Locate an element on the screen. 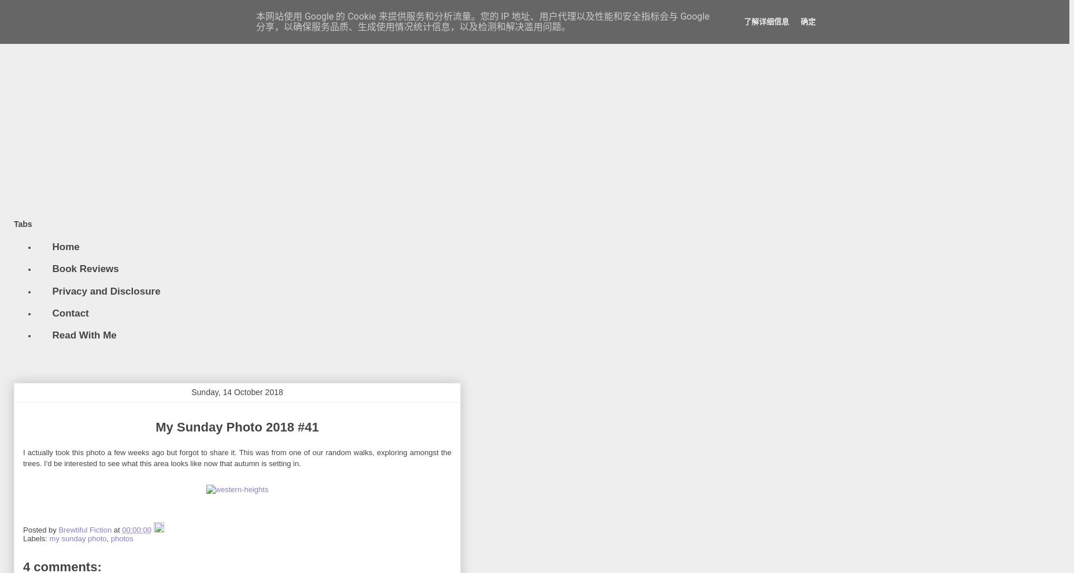  'at' is located at coordinates (117, 529).